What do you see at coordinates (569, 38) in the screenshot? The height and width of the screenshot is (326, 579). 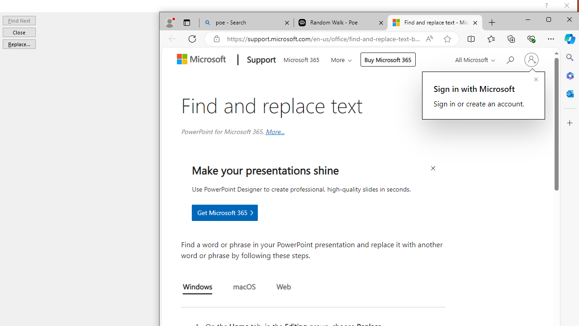 I see `'Copilot (Ctrl+Shift+.)'` at bounding box center [569, 38].